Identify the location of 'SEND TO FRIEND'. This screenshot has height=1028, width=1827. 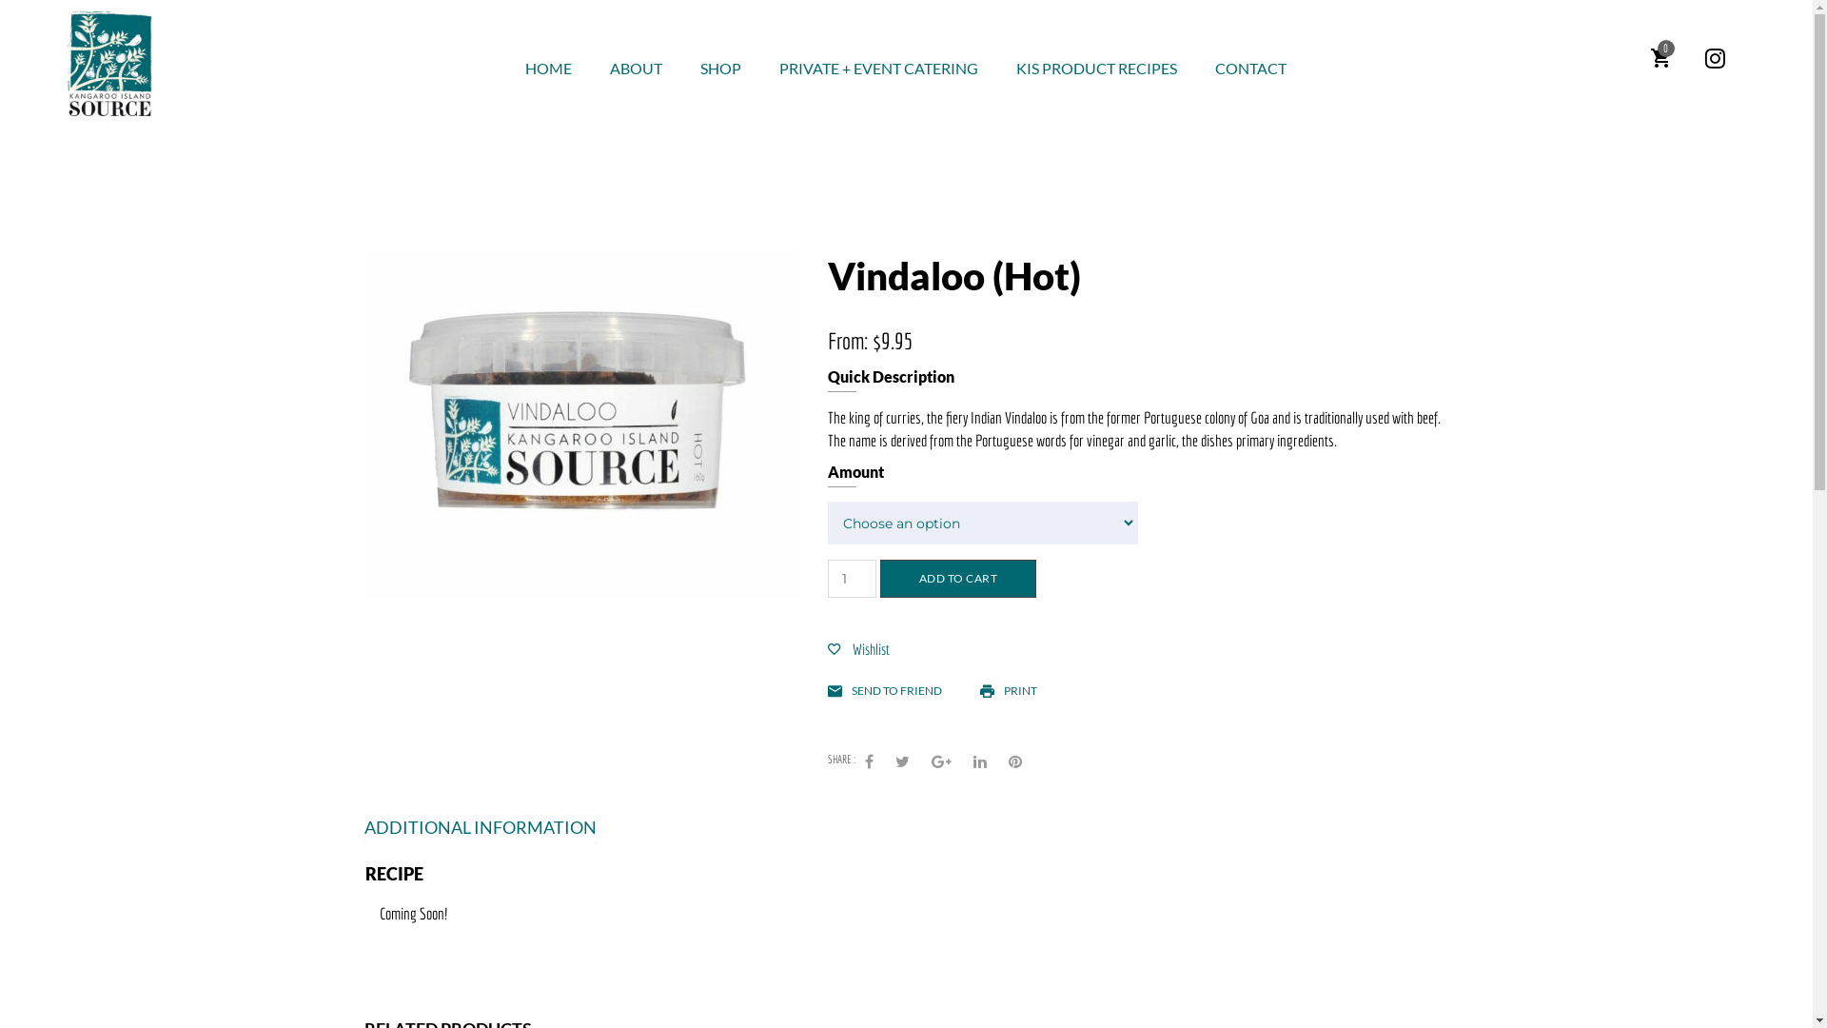
(884, 690).